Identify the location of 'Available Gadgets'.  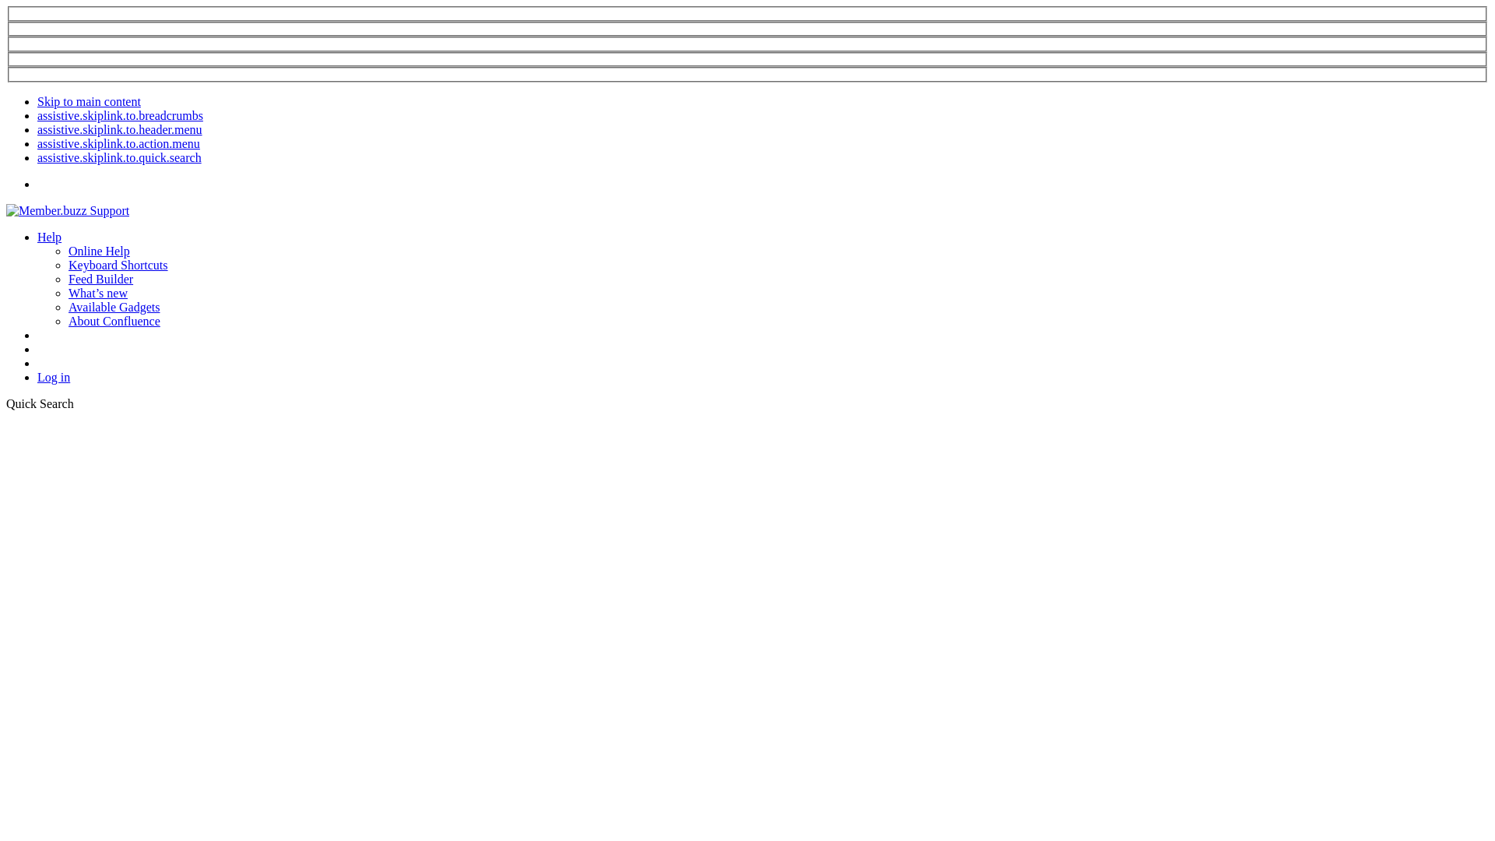
(113, 307).